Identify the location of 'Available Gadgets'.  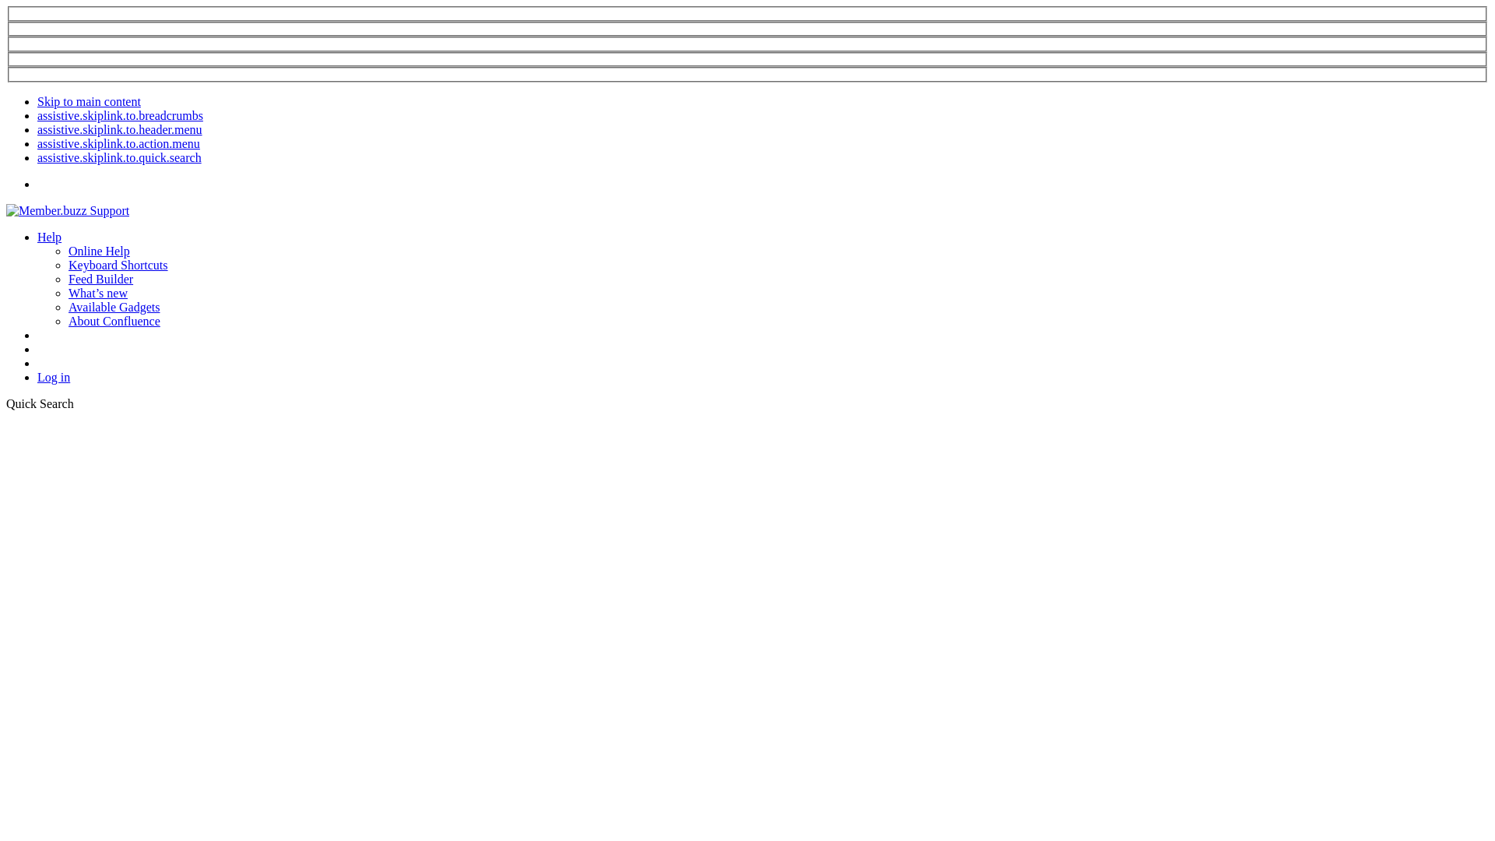
(113, 307).